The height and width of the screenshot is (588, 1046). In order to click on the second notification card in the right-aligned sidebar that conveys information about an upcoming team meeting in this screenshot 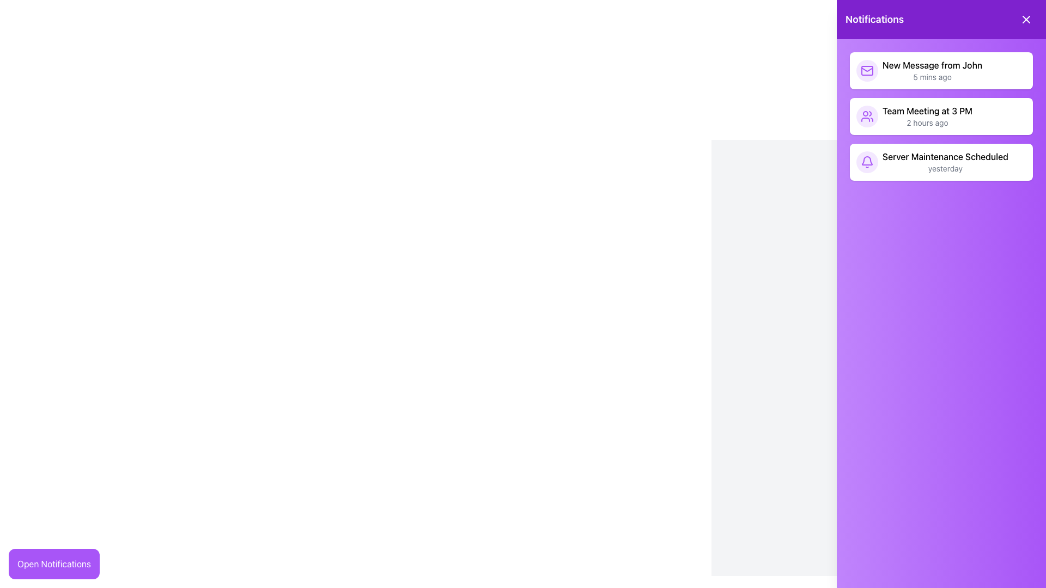, I will do `click(941, 116)`.